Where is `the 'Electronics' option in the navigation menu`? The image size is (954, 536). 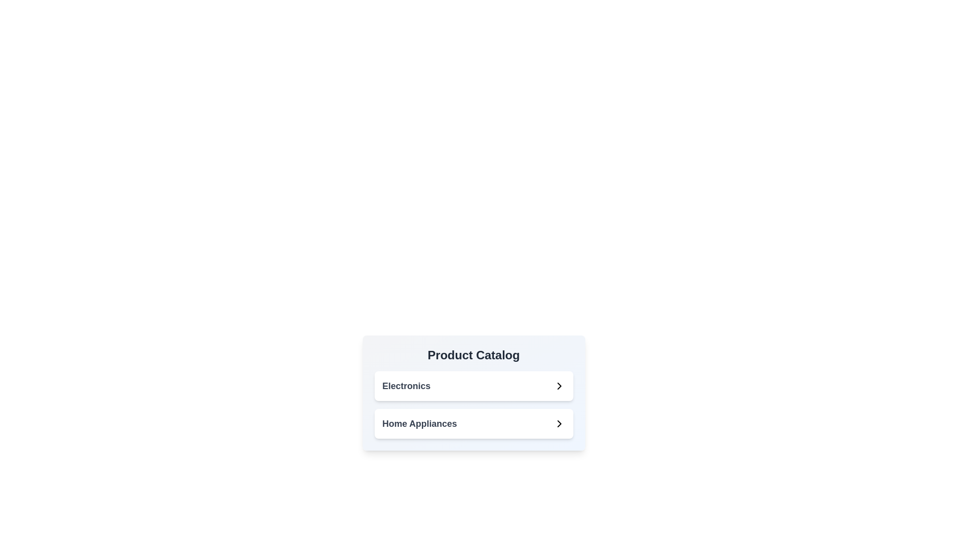
the 'Electronics' option in the navigation menu is located at coordinates (473, 392).